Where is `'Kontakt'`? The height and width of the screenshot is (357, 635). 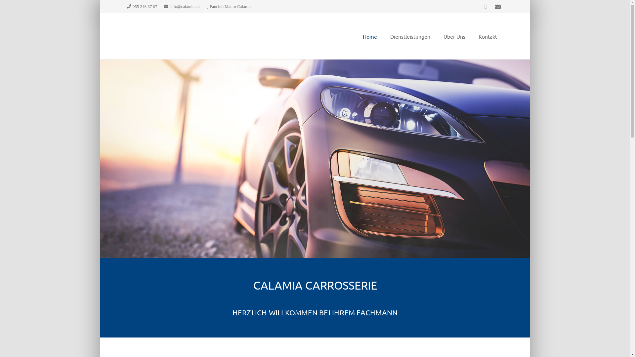
'Kontakt' is located at coordinates (487, 36).